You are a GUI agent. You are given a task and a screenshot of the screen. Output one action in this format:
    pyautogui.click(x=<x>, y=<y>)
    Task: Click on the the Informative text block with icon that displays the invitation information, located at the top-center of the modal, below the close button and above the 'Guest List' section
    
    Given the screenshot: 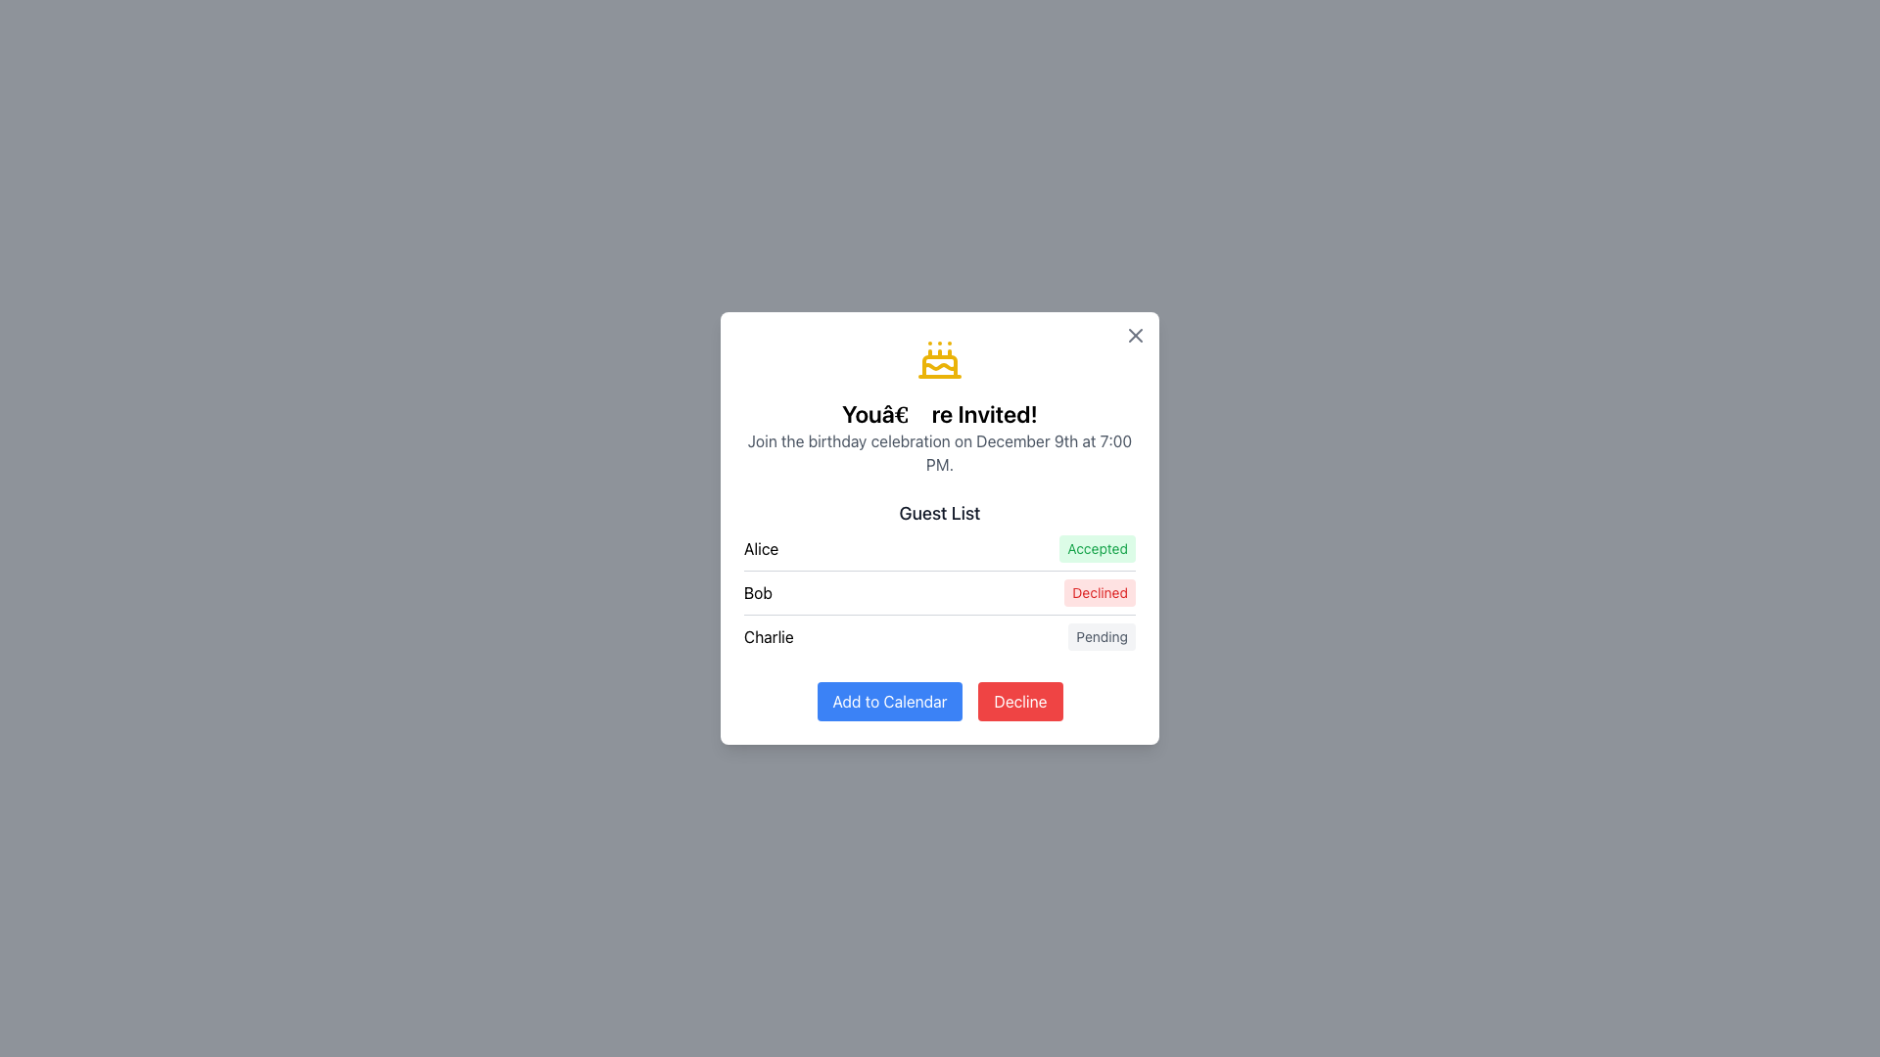 What is the action you would take?
    pyautogui.click(x=940, y=405)
    